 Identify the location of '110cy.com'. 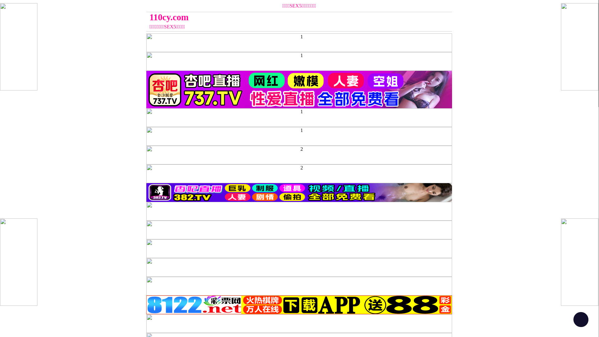
(261, 17).